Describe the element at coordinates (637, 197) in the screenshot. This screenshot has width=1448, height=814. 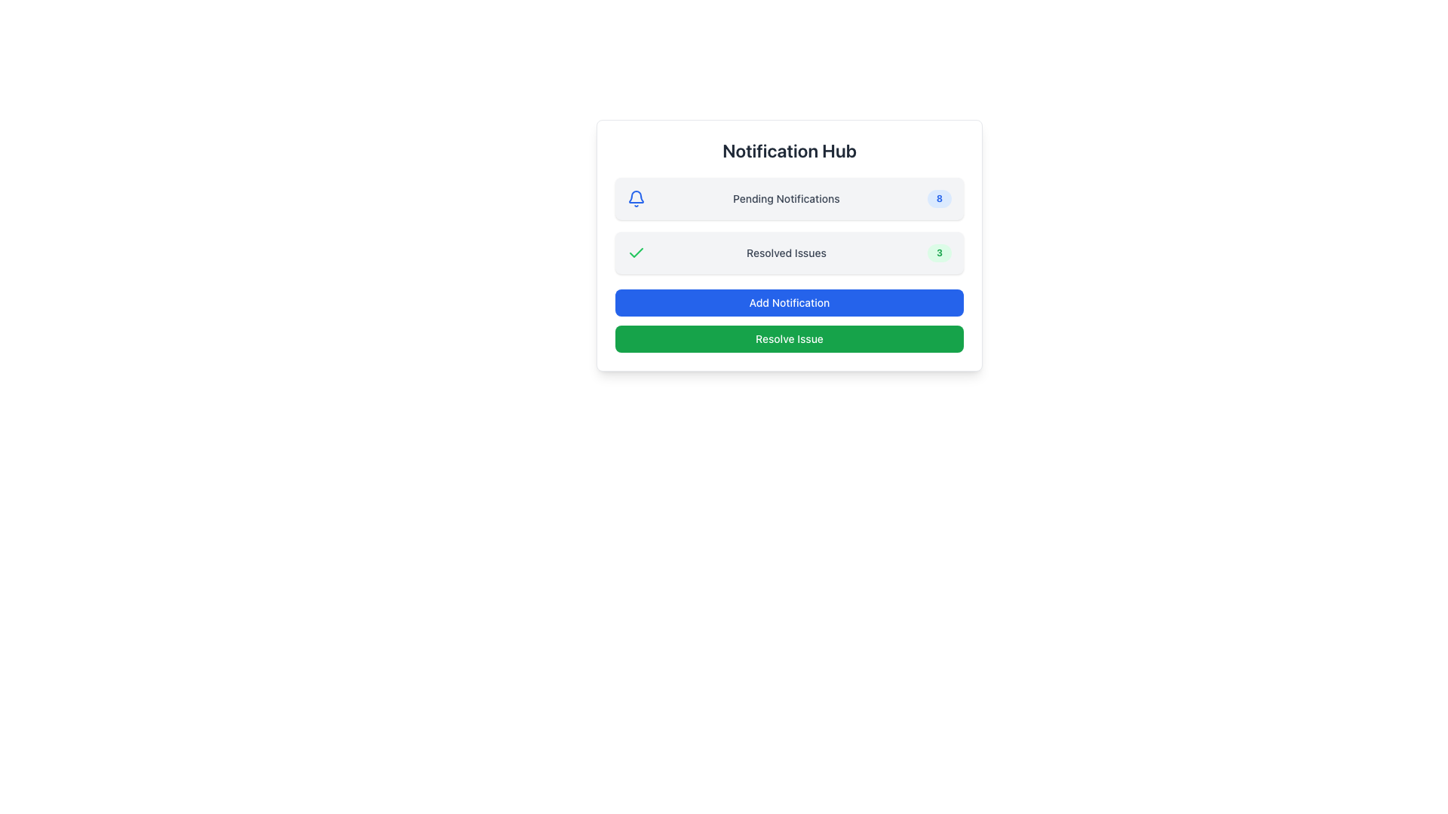
I see `the bell-shaped notification icon, which is styled in blue and located in the 'Pending Notifications' section of the Notification Hub layout` at that location.